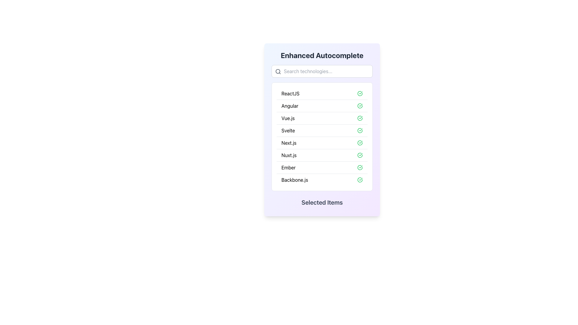 The height and width of the screenshot is (325, 578). Describe the element at coordinates (360, 155) in the screenshot. I see `the green circular icon with a checkmark located to the right of the 'Nuxt.js' text` at that location.